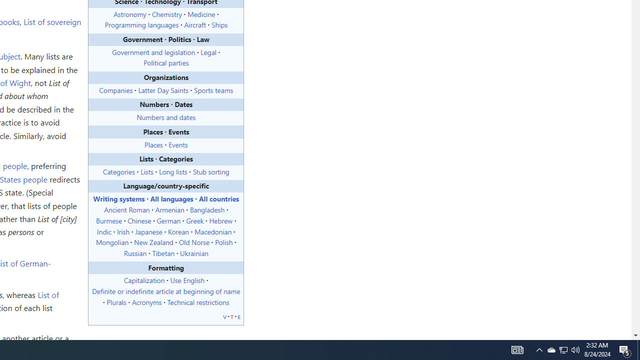 The image size is (640, 360). What do you see at coordinates (212, 89) in the screenshot?
I see `'Sports teams'` at bounding box center [212, 89].